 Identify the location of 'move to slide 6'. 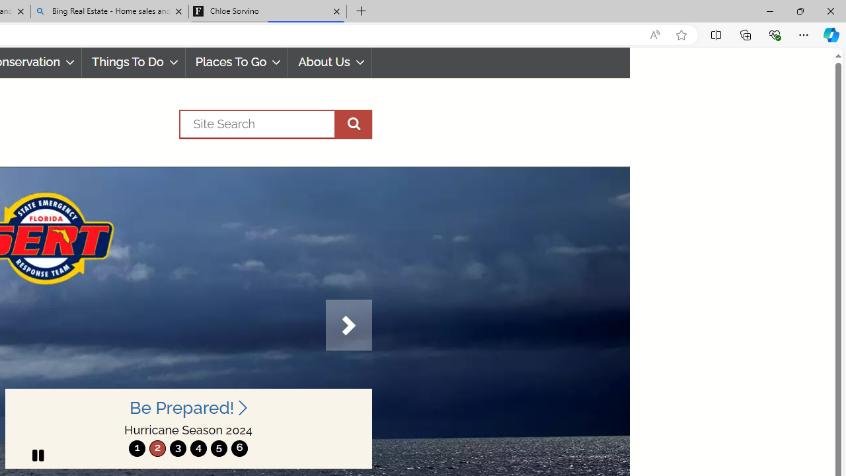
(239, 448).